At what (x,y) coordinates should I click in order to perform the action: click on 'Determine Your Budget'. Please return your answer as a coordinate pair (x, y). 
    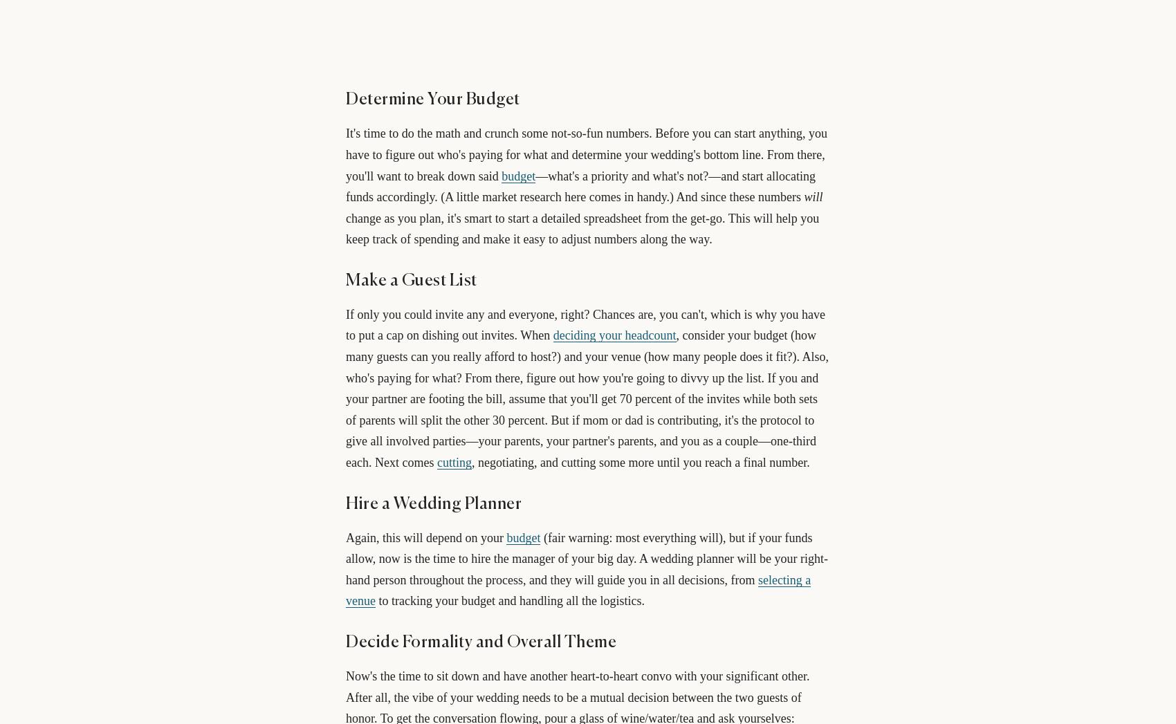
    Looking at the image, I should click on (432, 98).